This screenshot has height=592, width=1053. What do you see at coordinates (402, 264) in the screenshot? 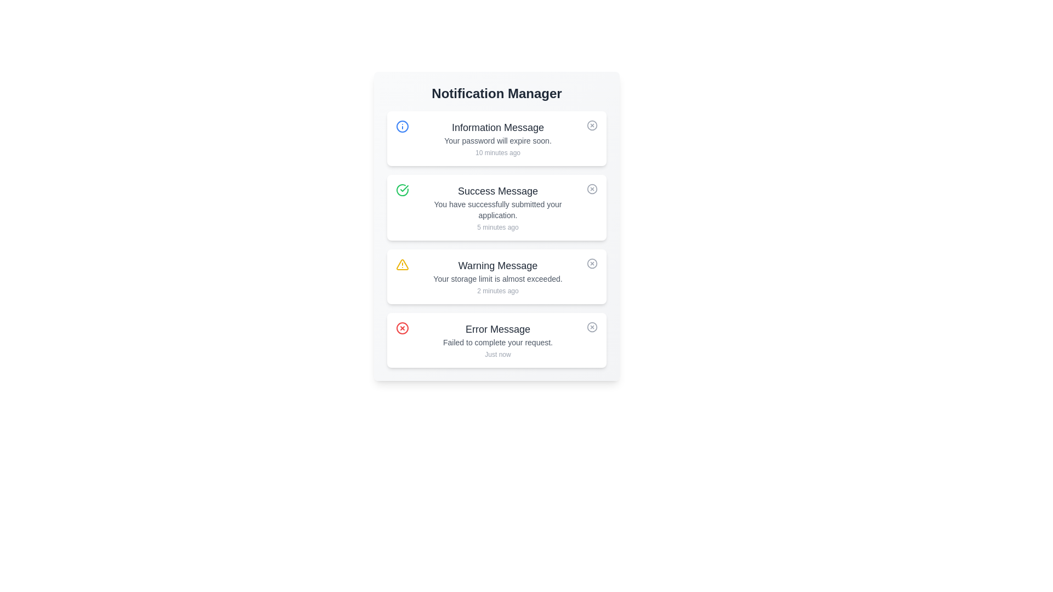
I see `the triangular yellow warning icon outlined in black, which is located in the third notification block next to the 'Warning Message' text` at bounding box center [402, 264].